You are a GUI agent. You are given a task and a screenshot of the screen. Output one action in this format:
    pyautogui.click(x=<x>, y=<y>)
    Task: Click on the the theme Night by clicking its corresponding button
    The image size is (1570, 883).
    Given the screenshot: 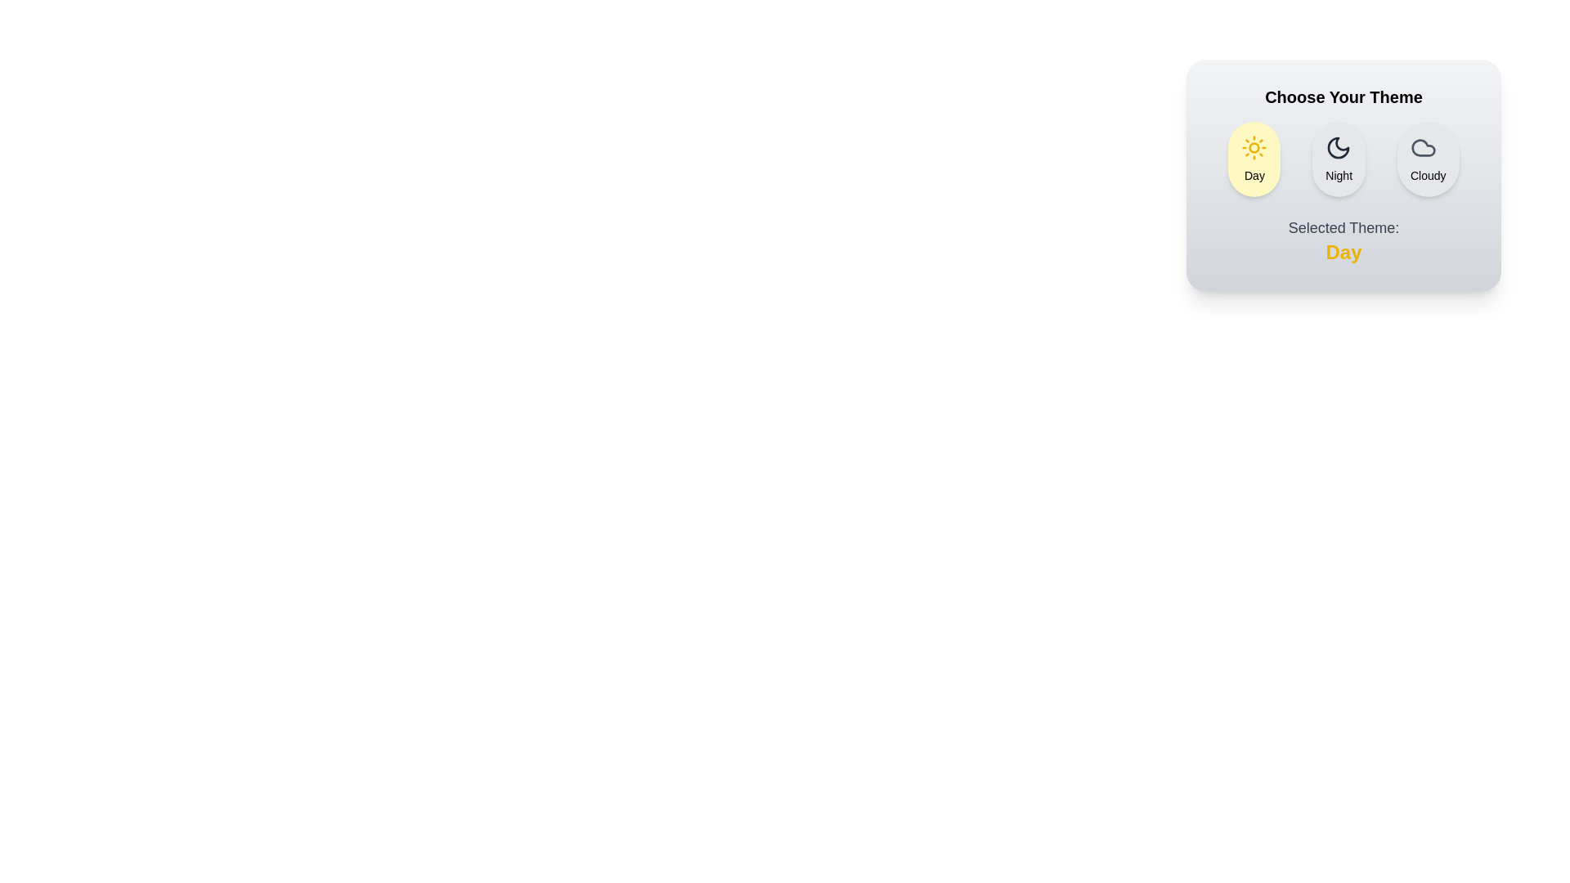 What is the action you would take?
    pyautogui.click(x=1339, y=159)
    